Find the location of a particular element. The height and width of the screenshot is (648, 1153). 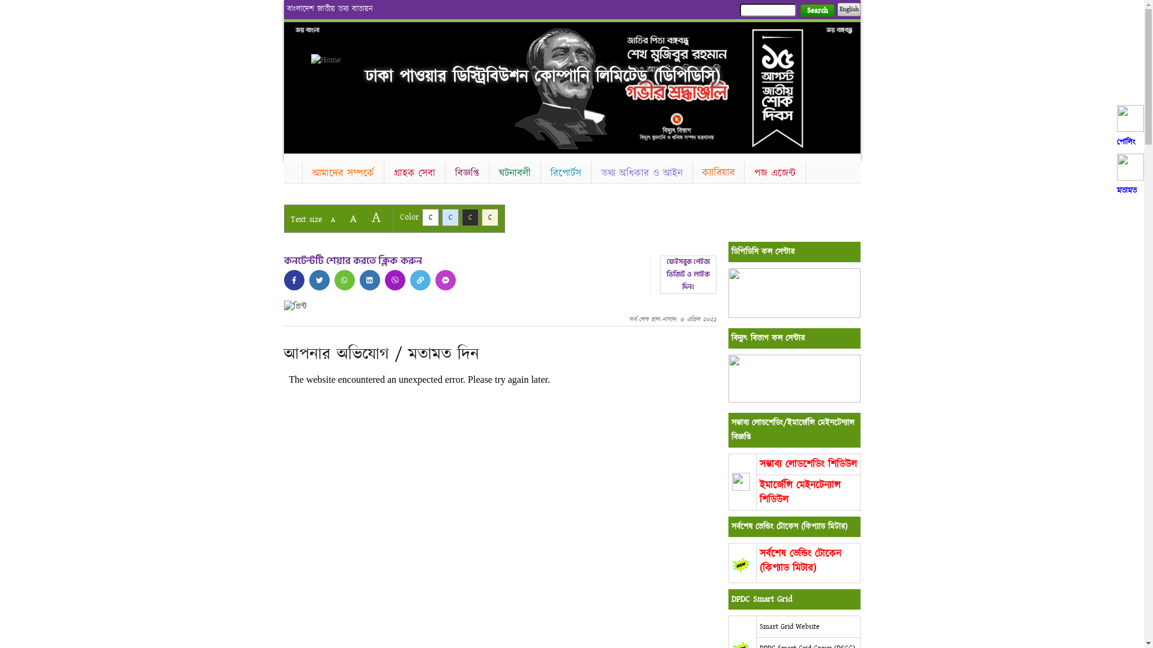

'Smart Grid Website' is located at coordinates (789, 626).